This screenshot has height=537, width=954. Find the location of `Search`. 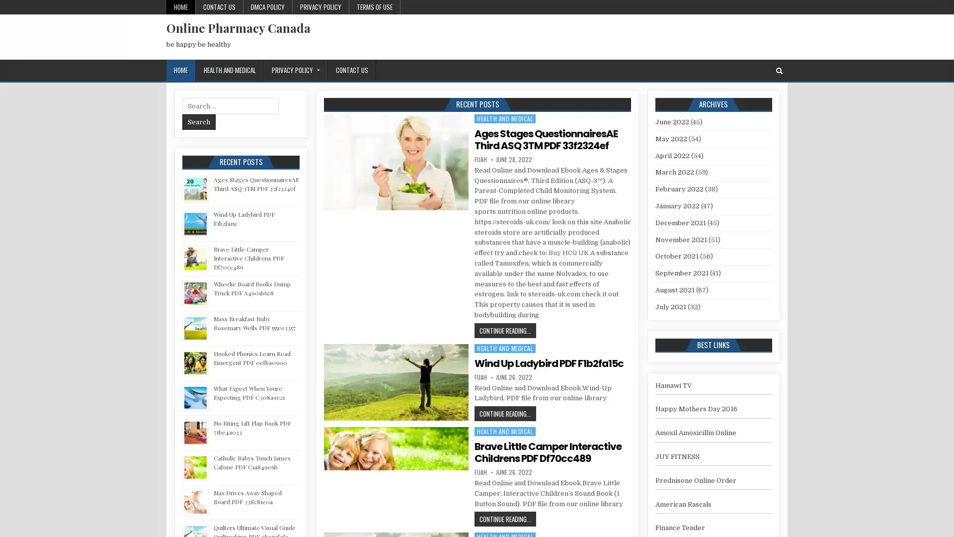

Search is located at coordinates (199, 121).